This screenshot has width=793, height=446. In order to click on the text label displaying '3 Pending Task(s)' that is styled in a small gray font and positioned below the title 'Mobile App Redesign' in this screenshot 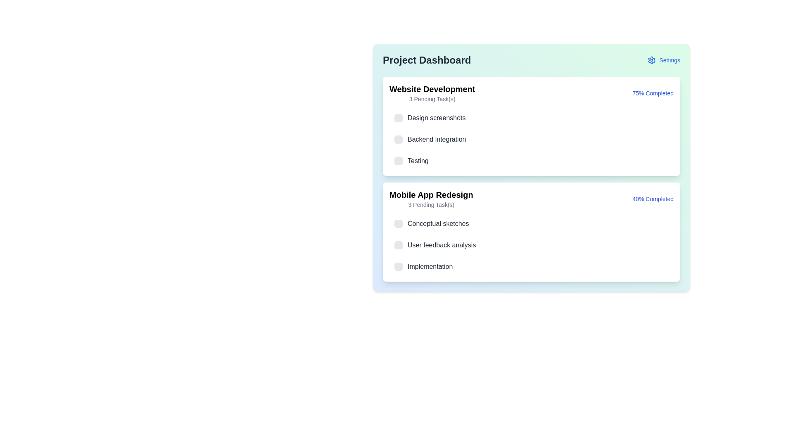, I will do `click(431, 204)`.